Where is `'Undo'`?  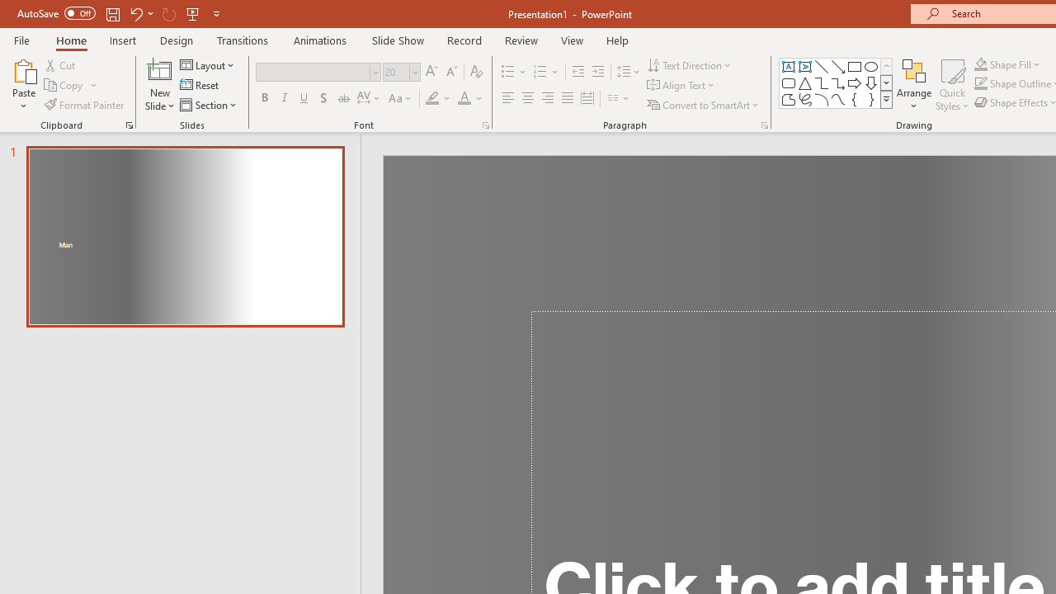
'Undo' is located at coordinates (140, 13).